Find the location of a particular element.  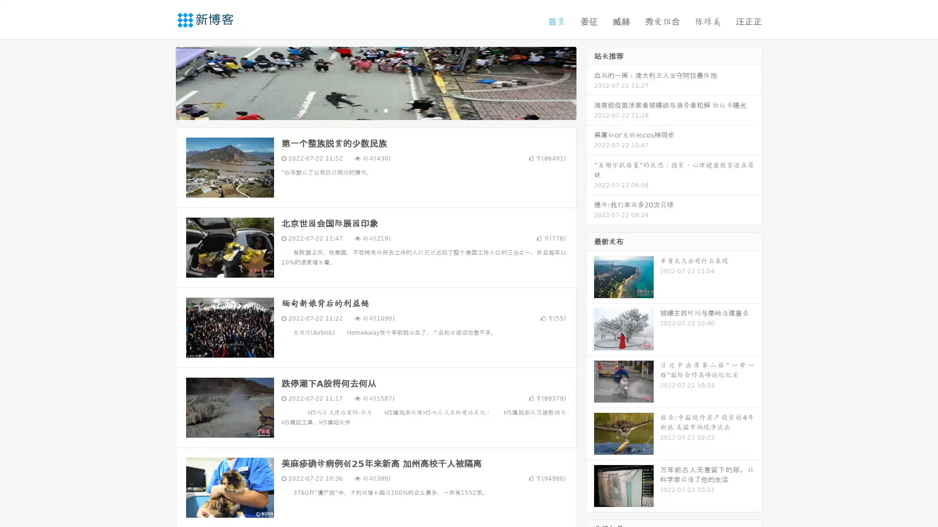

Go to slide 1 is located at coordinates (365, 110).